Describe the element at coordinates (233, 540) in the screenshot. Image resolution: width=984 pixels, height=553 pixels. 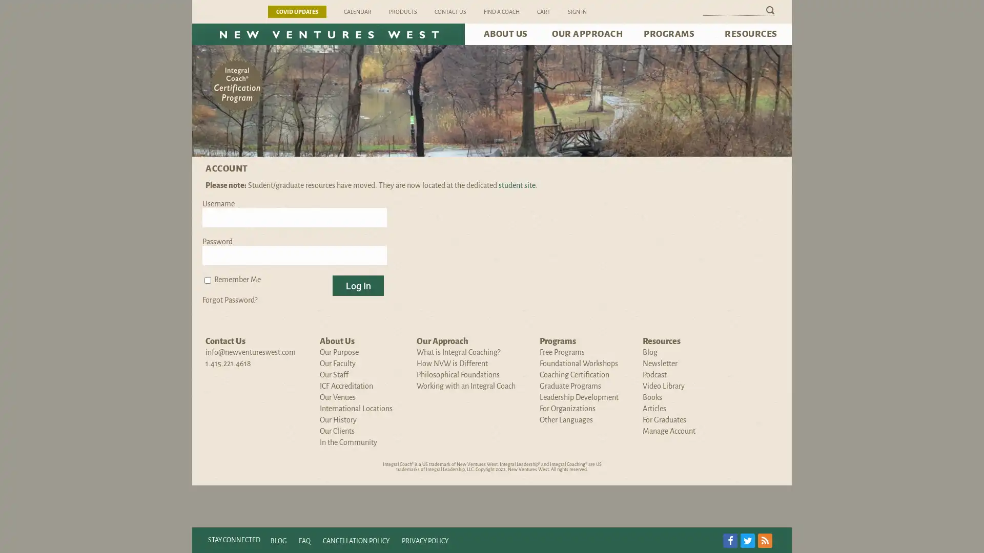
I see `STAY CONNECTED` at that location.